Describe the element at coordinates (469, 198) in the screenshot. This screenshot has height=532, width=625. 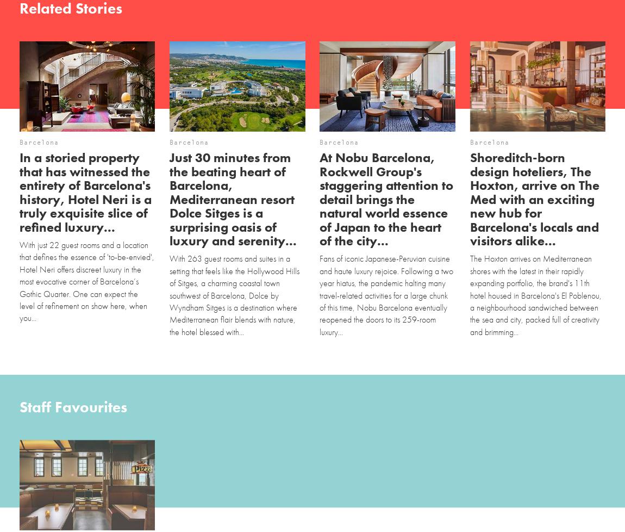
I see `'Shoreditch-born design hoteliers, The Hoxton, arrive on The Med with an exciting new hub for Barcelona's locals and visitors alike...'` at that location.